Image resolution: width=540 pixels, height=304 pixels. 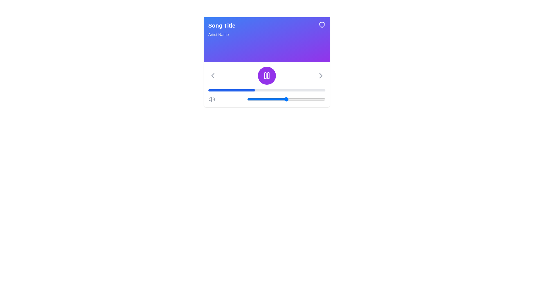 I want to click on the purple heart-shaped icon with a white outline located at the top-right corner of the interface, so click(x=322, y=24).